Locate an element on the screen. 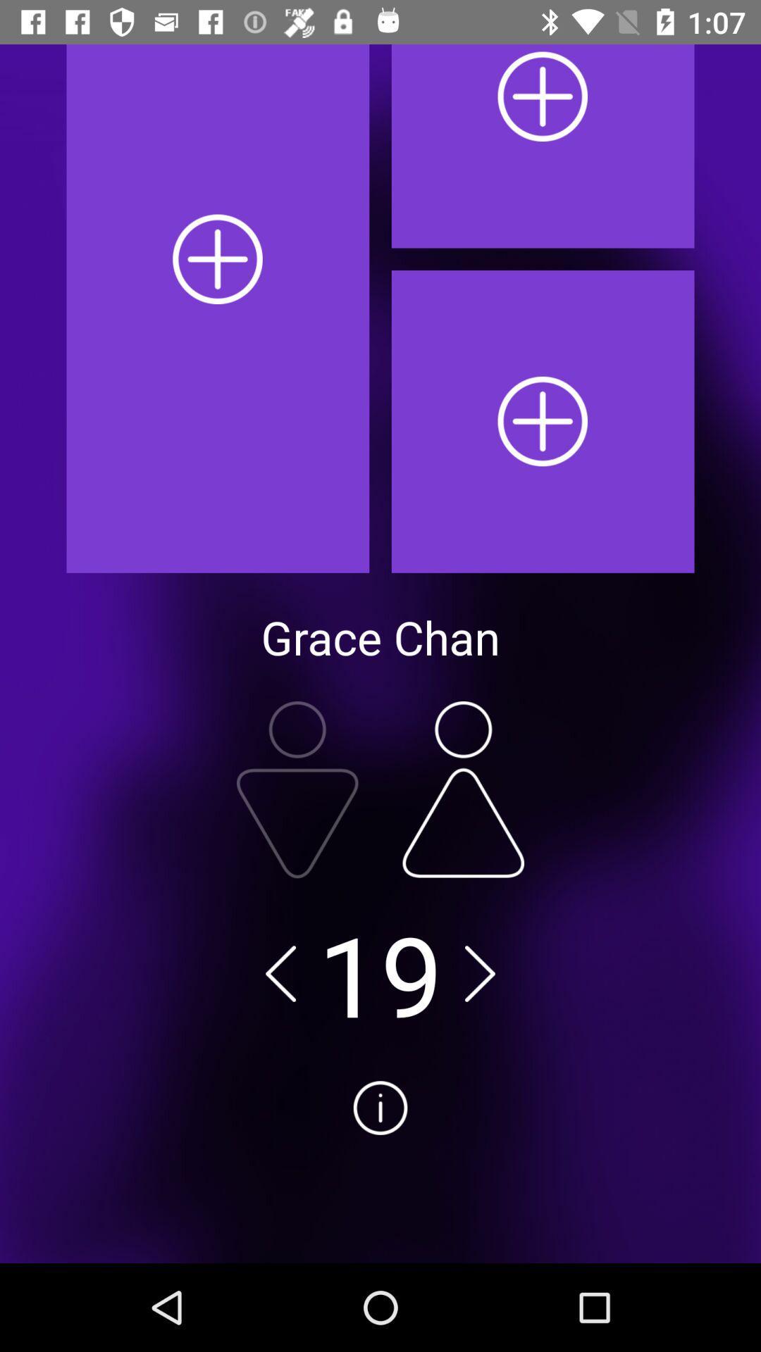  the arrow_backward icon is located at coordinates (280, 972).